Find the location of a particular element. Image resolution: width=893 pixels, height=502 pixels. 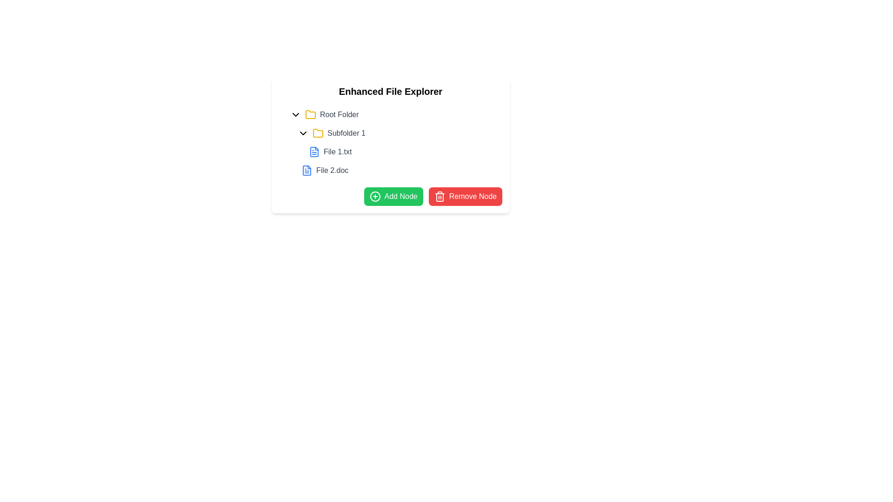

the arrow-shaped icon button pointing downwards, located to the left of the 'Root Folder' text label is located at coordinates (295, 114).